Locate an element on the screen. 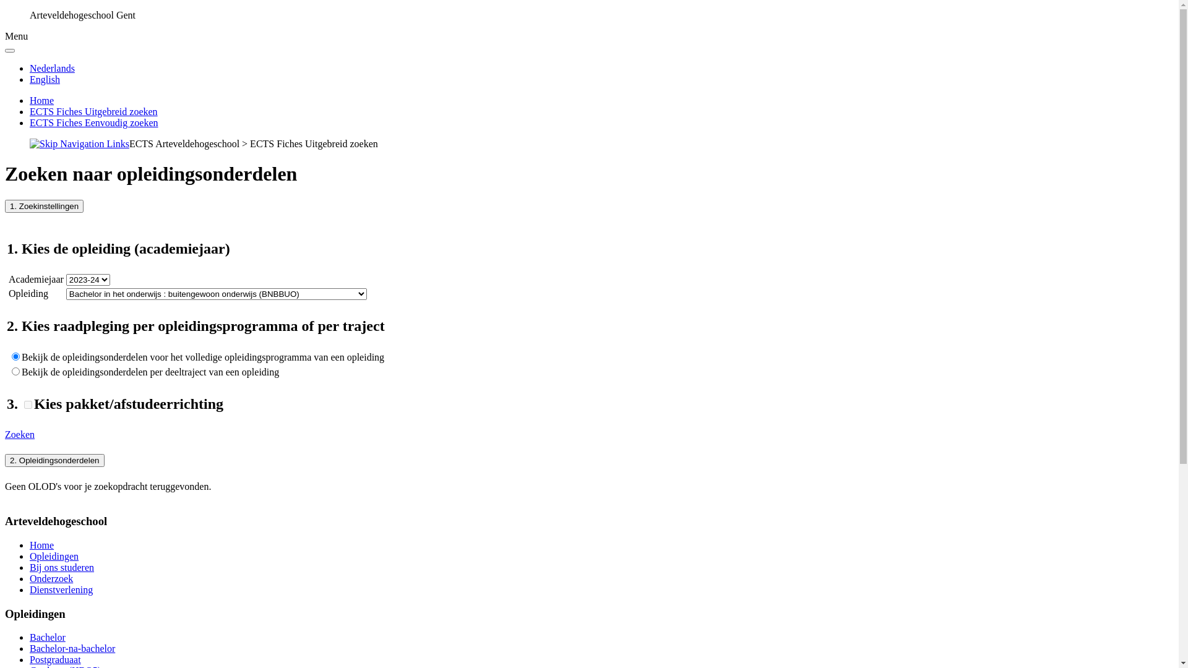  'ECTS Fiches Uitgebreid zoeken' is located at coordinates (93, 111).